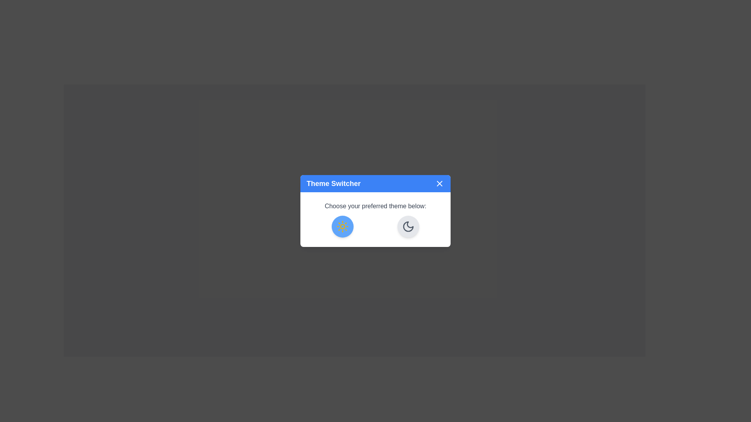 This screenshot has height=422, width=751. I want to click on the Text Label in the upper left portion of the blue bar that serves as the title for switching the theme in the modal dialog, so click(334, 184).